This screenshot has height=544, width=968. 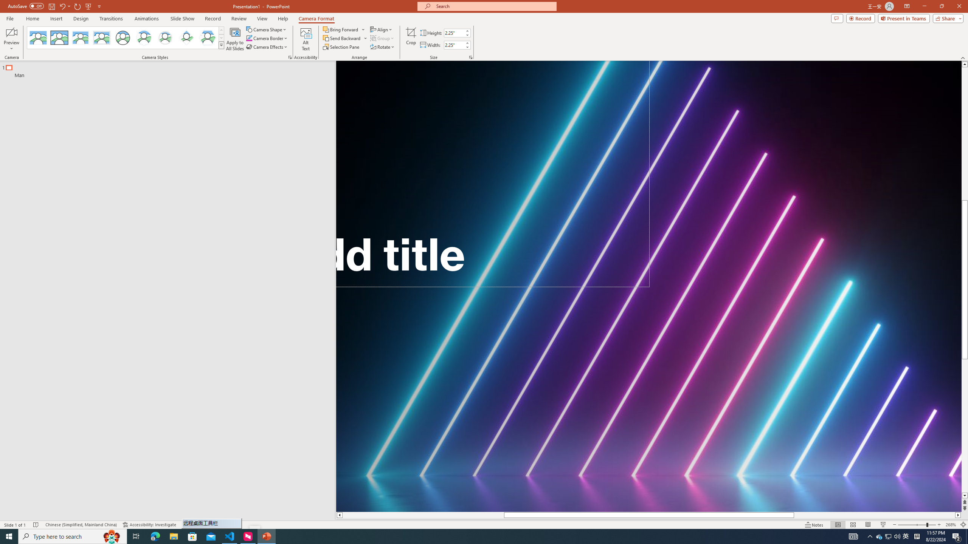 What do you see at coordinates (222, 45) in the screenshot?
I see `'Camera Styles'` at bounding box center [222, 45].